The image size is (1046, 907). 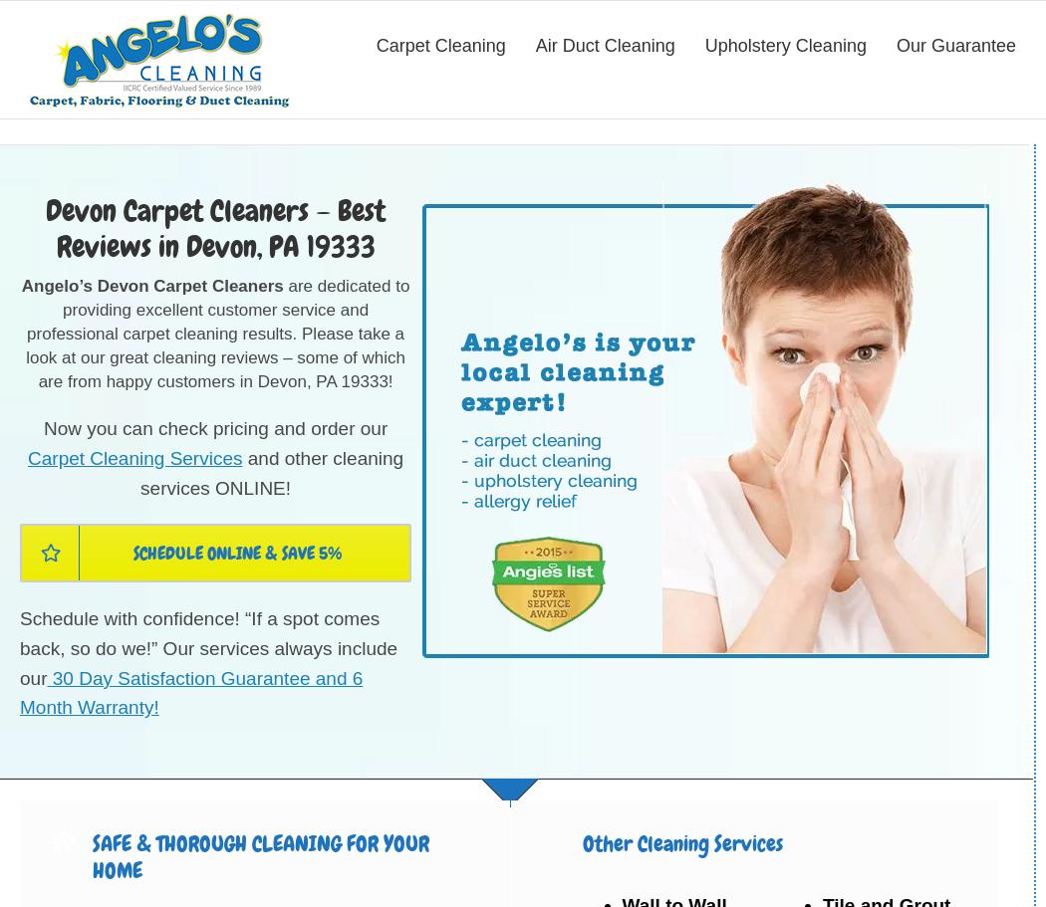 What do you see at coordinates (19, 647) in the screenshot?
I see `'Schedule with confidence! “If a spot comes back, so do we!” Our services always include our'` at bounding box center [19, 647].